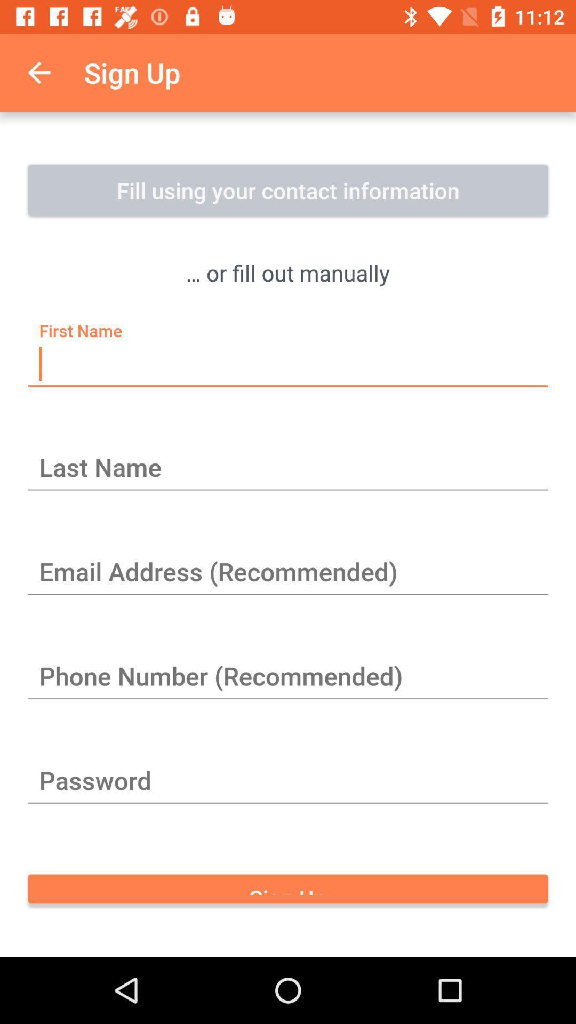 The width and height of the screenshot is (576, 1024). What do you see at coordinates (288, 190) in the screenshot?
I see `the fill using your` at bounding box center [288, 190].